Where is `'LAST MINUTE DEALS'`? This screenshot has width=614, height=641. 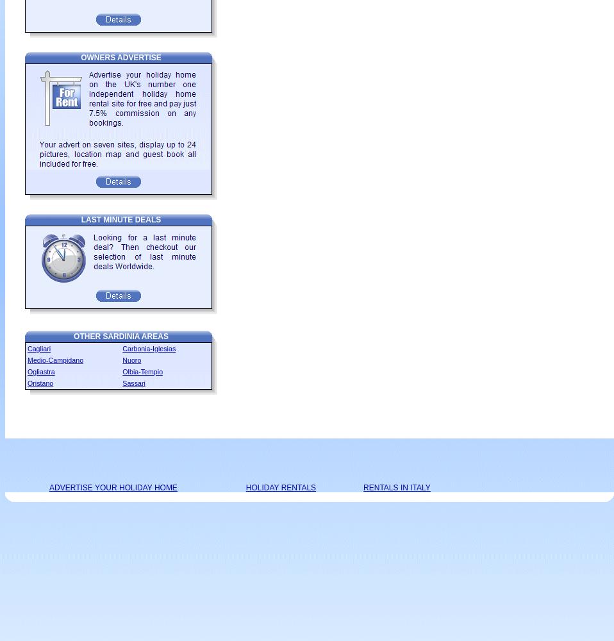
'LAST MINUTE DEALS' is located at coordinates (120, 219).